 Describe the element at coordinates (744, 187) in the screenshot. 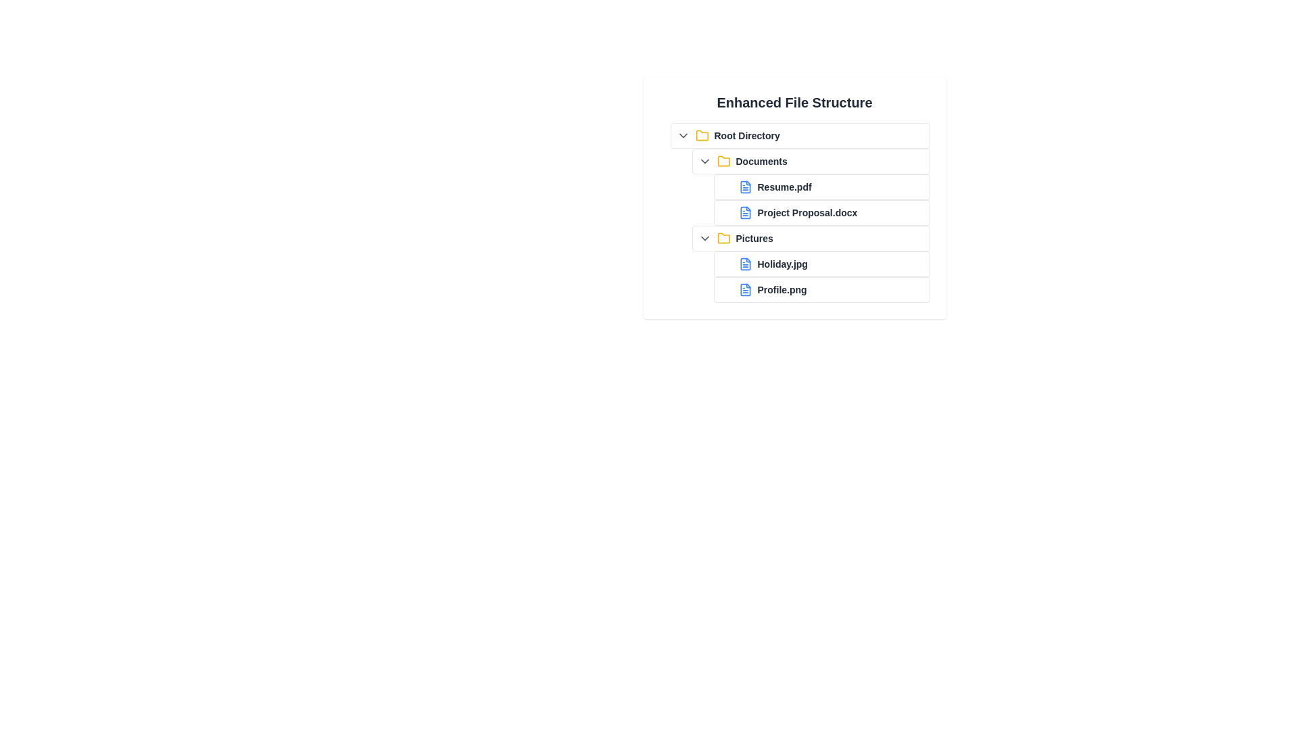

I see `the visual representation of the 'Resume.pdf' icon located in the 'Documents' section, positioned left of the text 'Resume.pdf'` at that location.